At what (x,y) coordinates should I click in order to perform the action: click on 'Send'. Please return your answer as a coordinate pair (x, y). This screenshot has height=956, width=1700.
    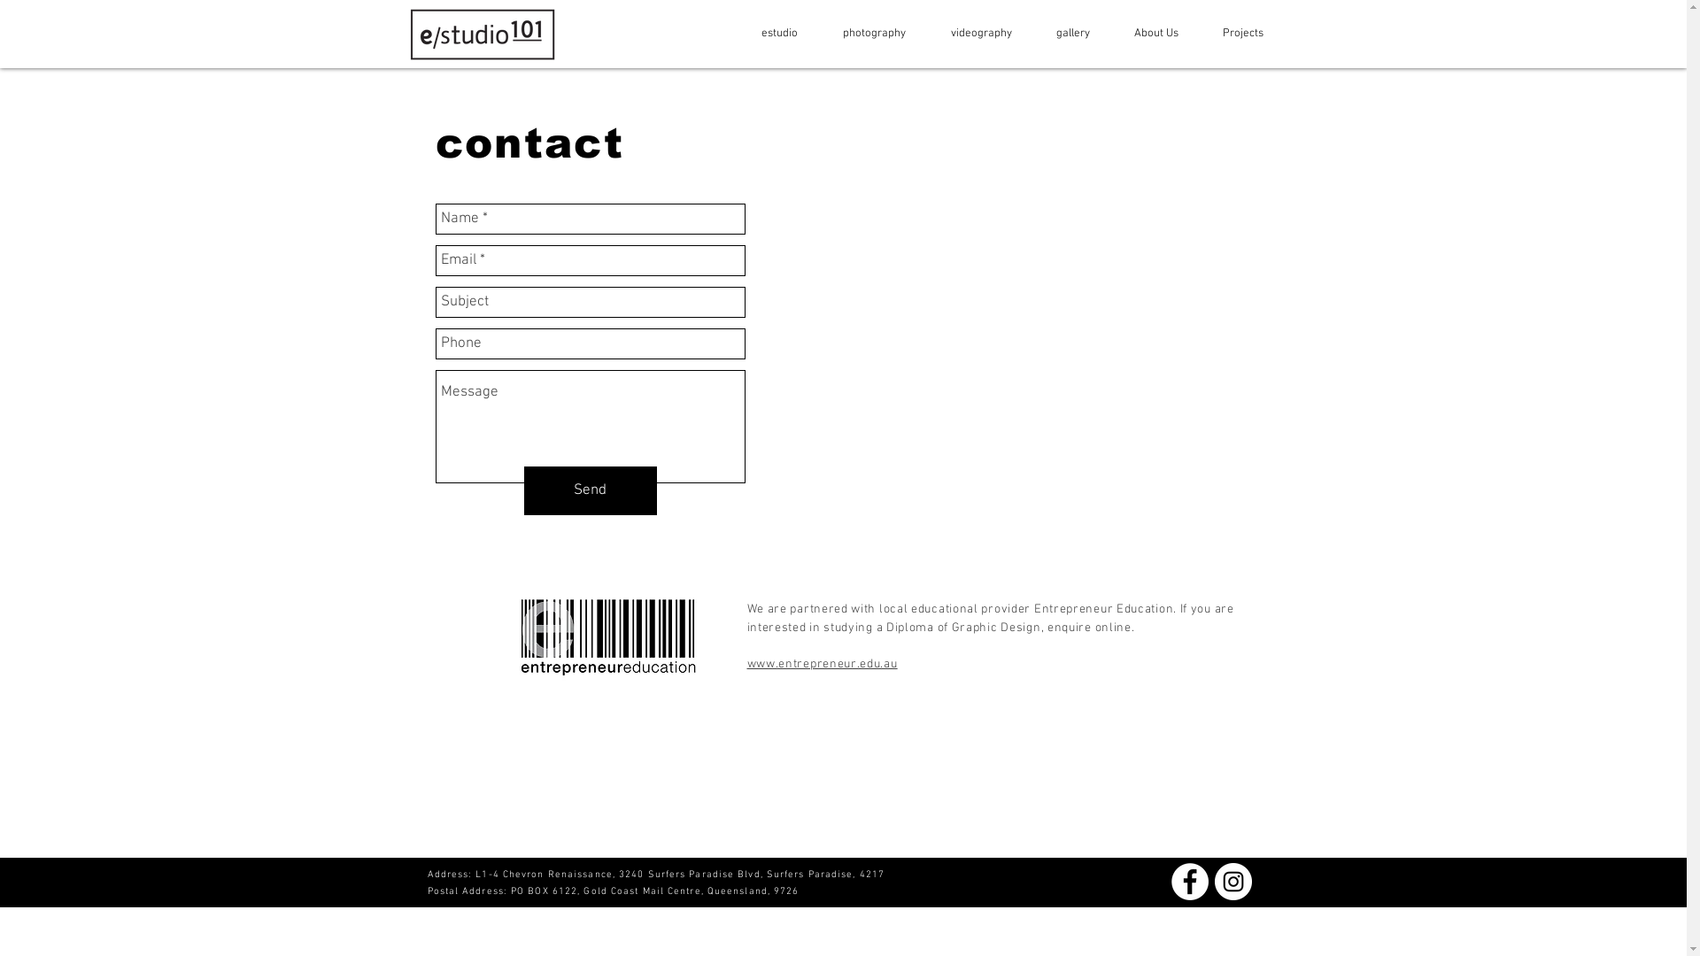
    Looking at the image, I should click on (591, 490).